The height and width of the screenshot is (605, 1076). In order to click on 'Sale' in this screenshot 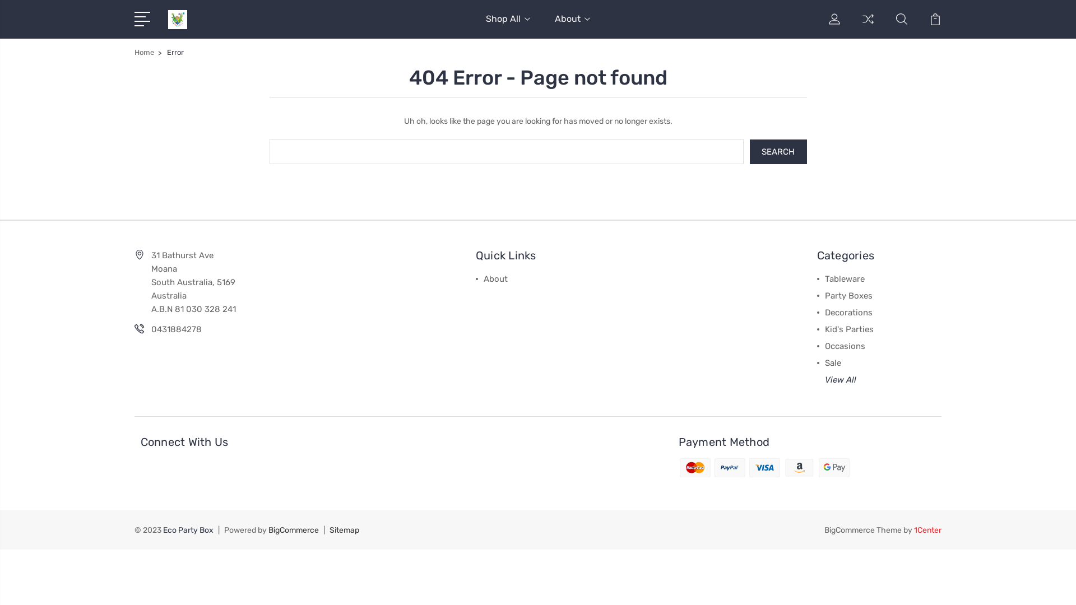, I will do `click(833, 362)`.